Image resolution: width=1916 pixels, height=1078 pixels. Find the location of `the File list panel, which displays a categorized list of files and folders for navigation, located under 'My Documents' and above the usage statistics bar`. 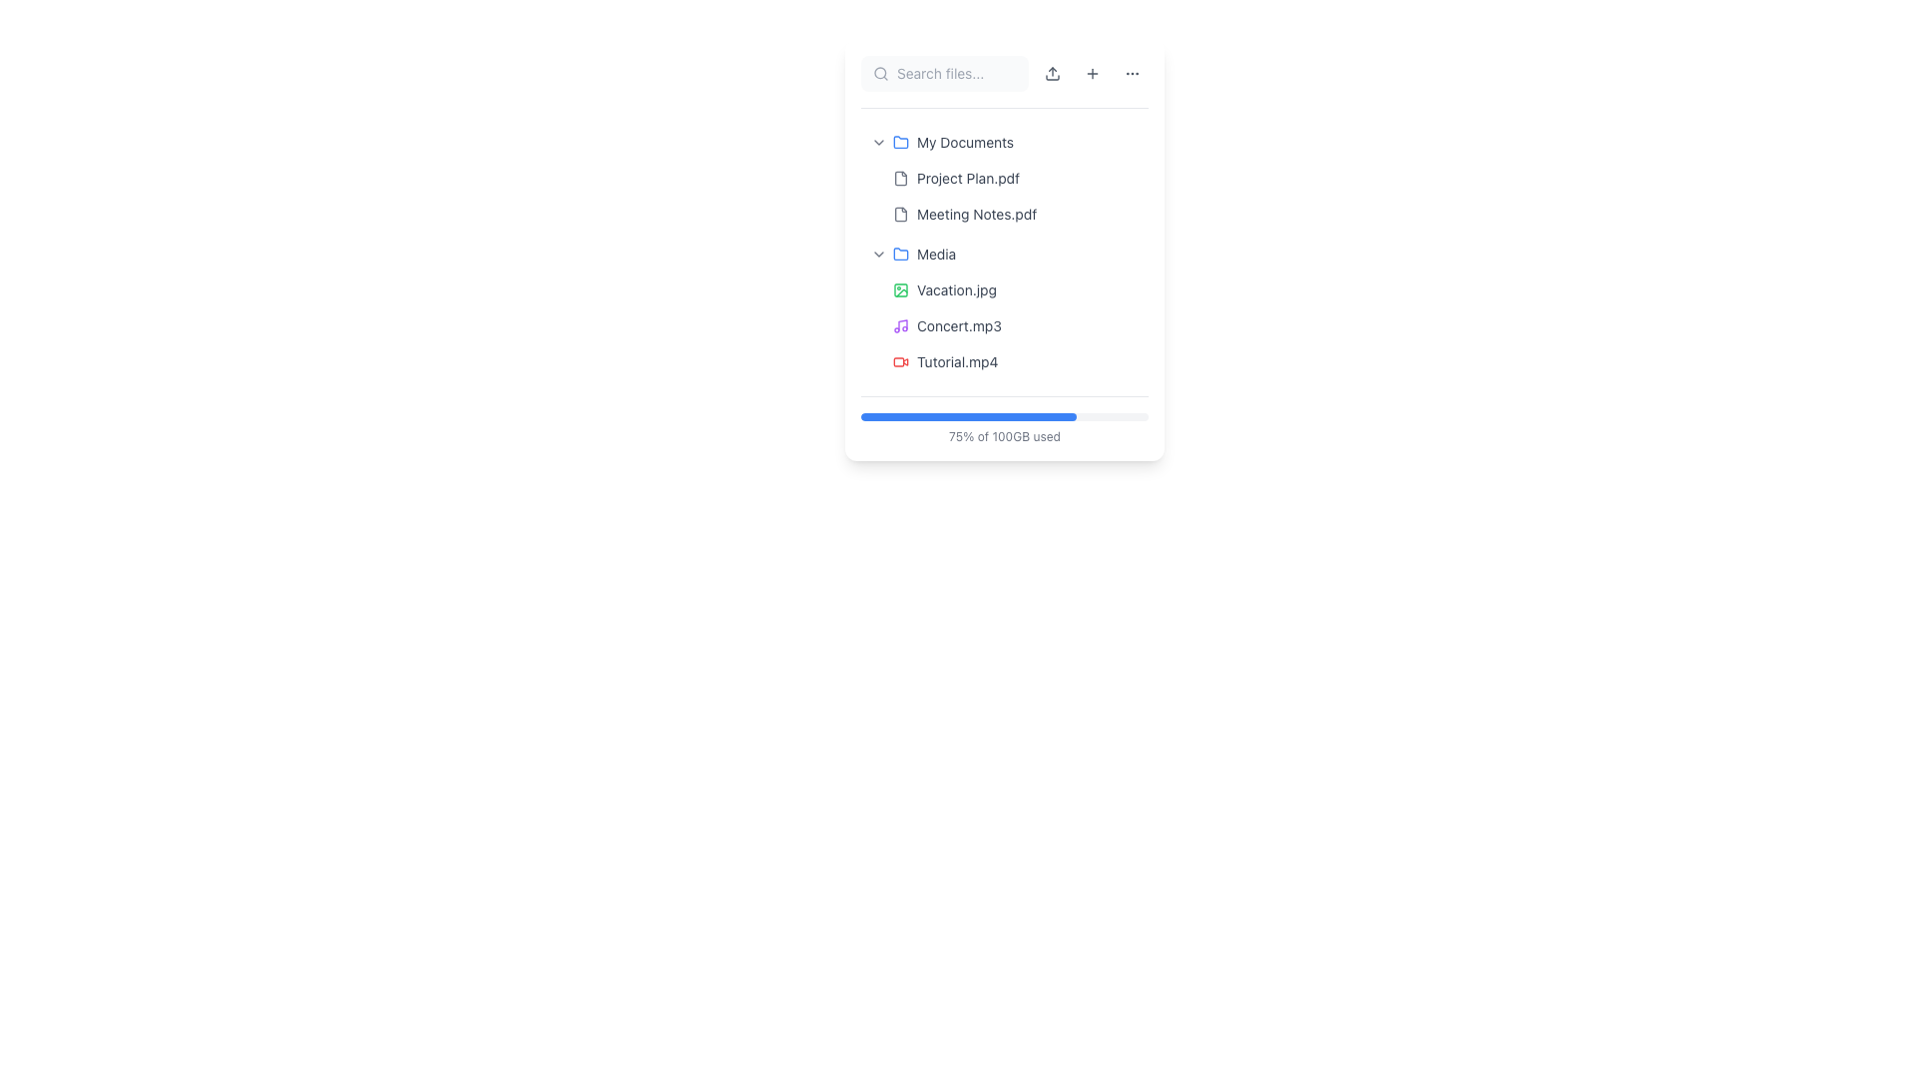

the File list panel, which displays a categorized list of files and folders for navigation, located under 'My Documents' and above the usage statistics bar is located at coordinates (1005, 252).